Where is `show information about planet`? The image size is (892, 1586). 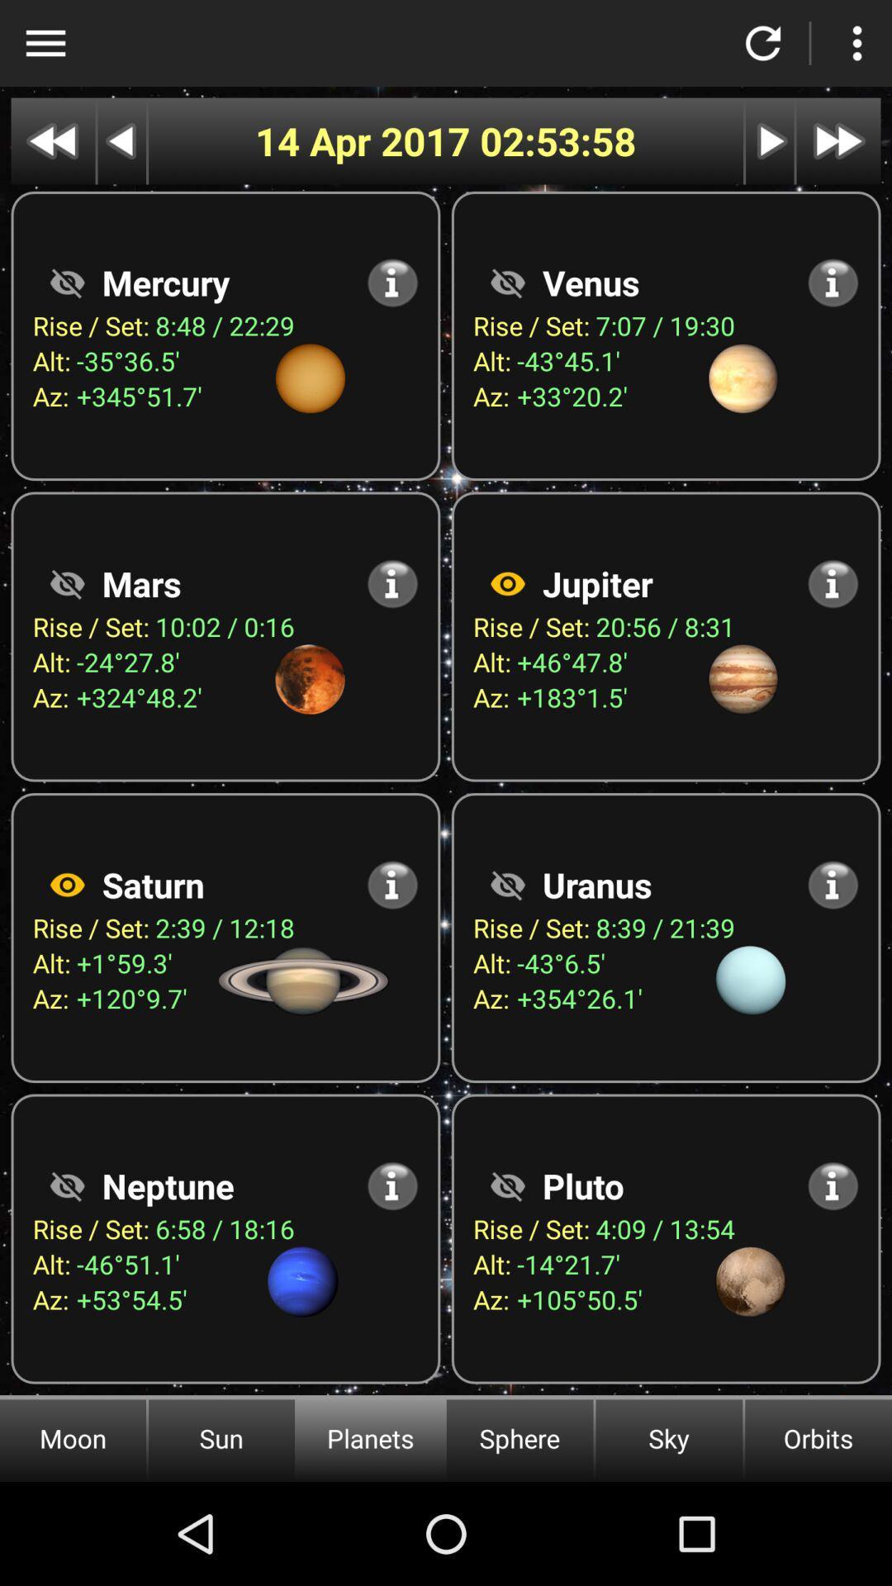 show information about planet is located at coordinates (506, 1185).